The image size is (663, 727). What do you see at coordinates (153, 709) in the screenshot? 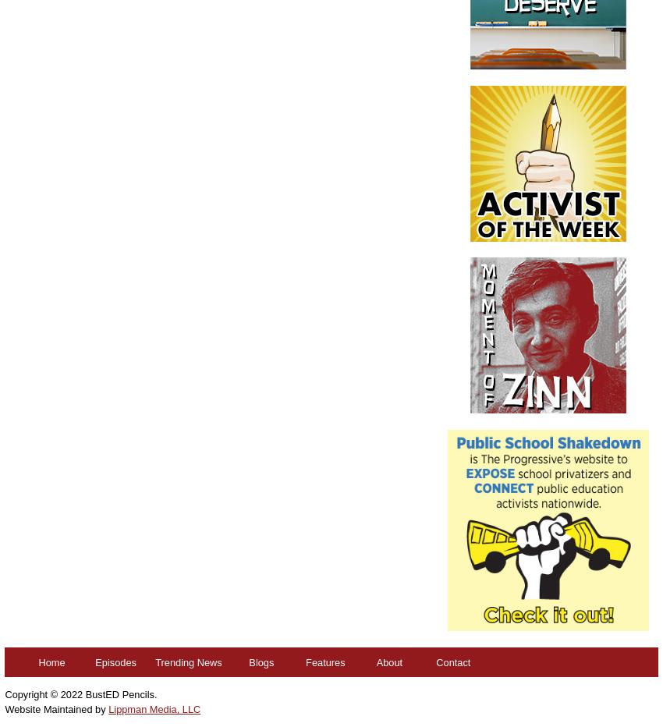
I see `'Lippman Media, LLC'` at bounding box center [153, 709].